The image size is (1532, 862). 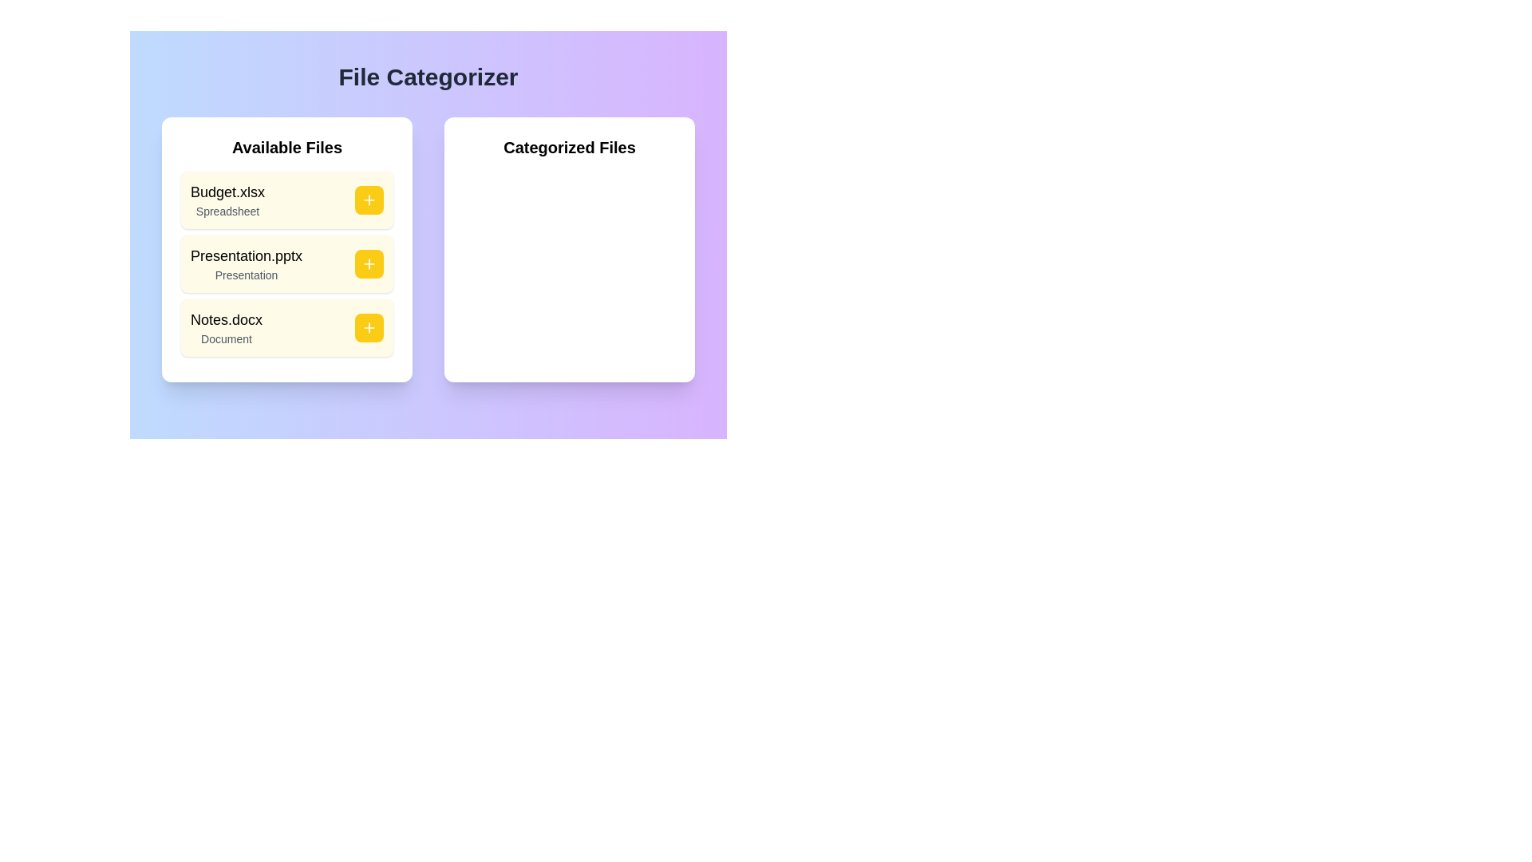 I want to click on the yellow circular button with a plus icon located to the right of the 'Budget.xlsx' document entry in the 'Available Files' list, so click(x=368, y=199).